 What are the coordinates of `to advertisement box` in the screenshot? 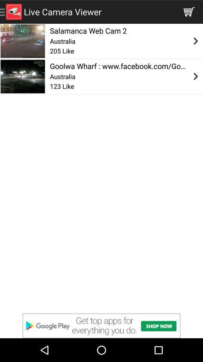 It's located at (101, 325).